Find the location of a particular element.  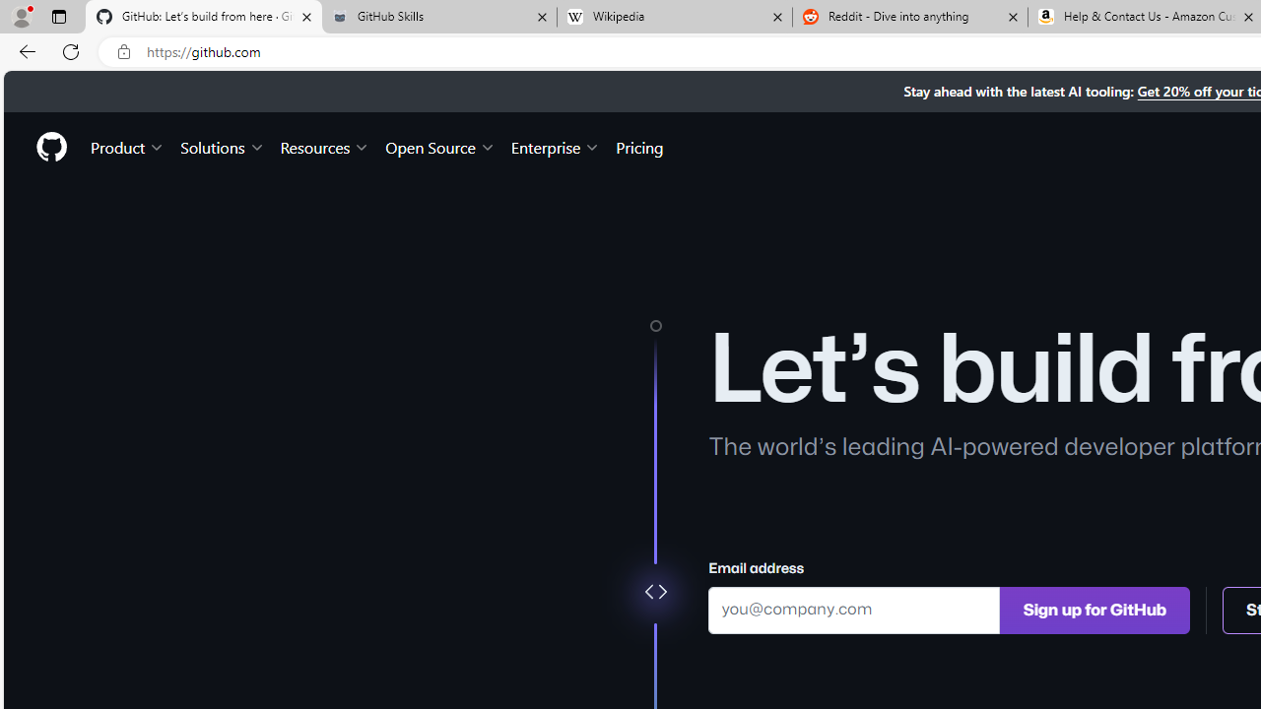

'Enterprise' is located at coordinates (554, 146).